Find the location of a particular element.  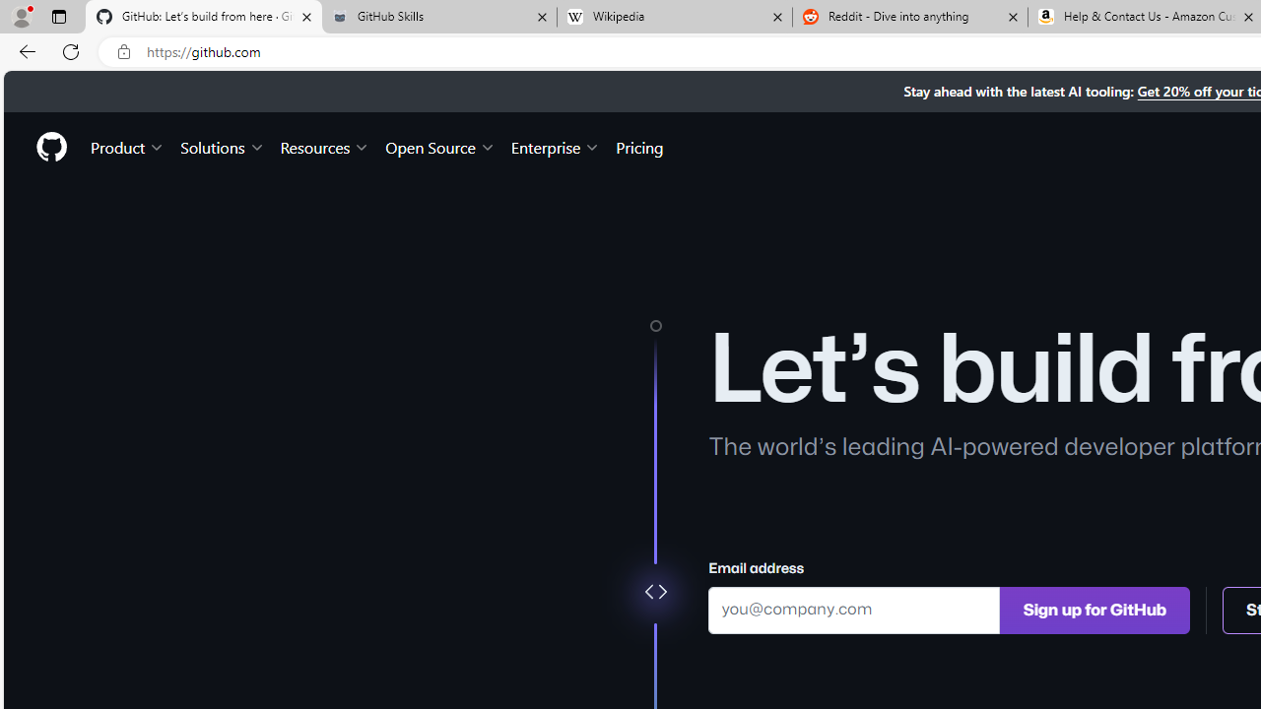

'Enterprise' is located at coordinates (554, 146).